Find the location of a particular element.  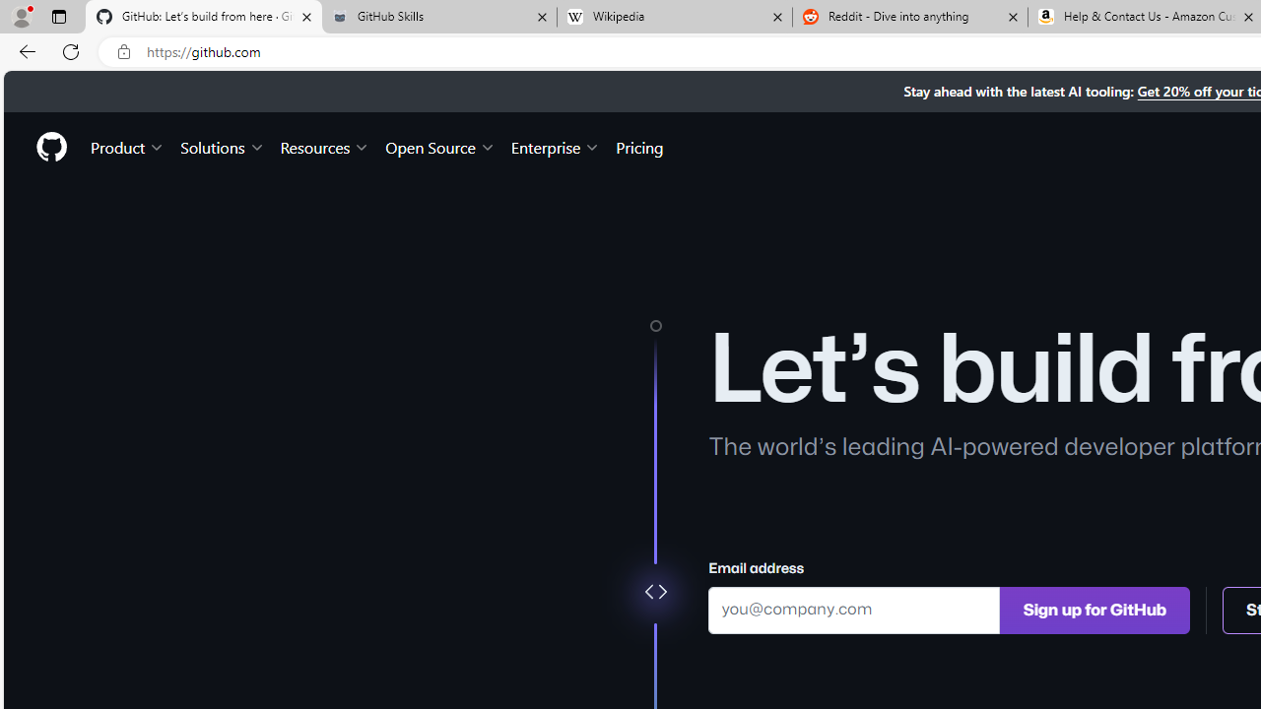

'Enterprise' is located at coordinates (554, 146).